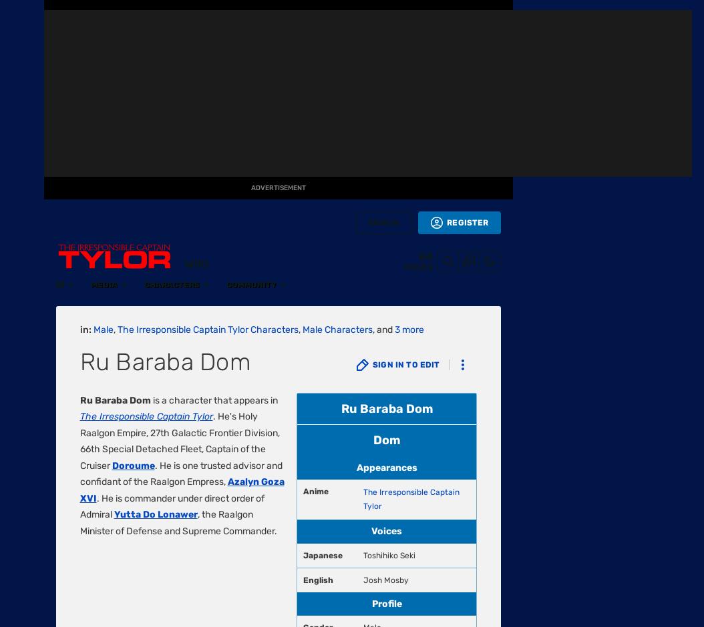  I want to click on 'The Irresponsible Captain Tylor', so click(188, 182).